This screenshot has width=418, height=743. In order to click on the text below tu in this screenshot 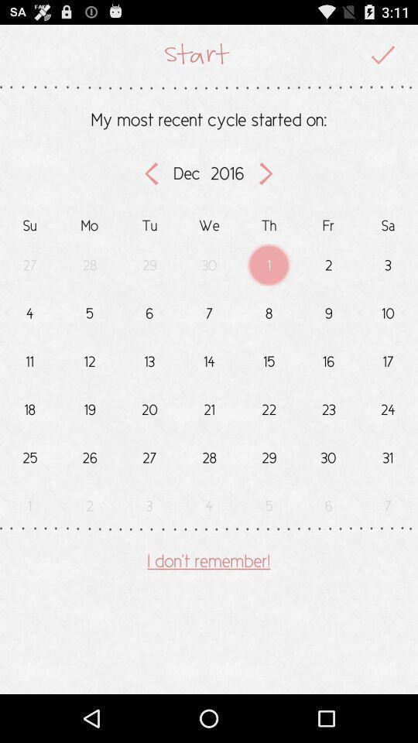, I will do `click(149, 265)`.